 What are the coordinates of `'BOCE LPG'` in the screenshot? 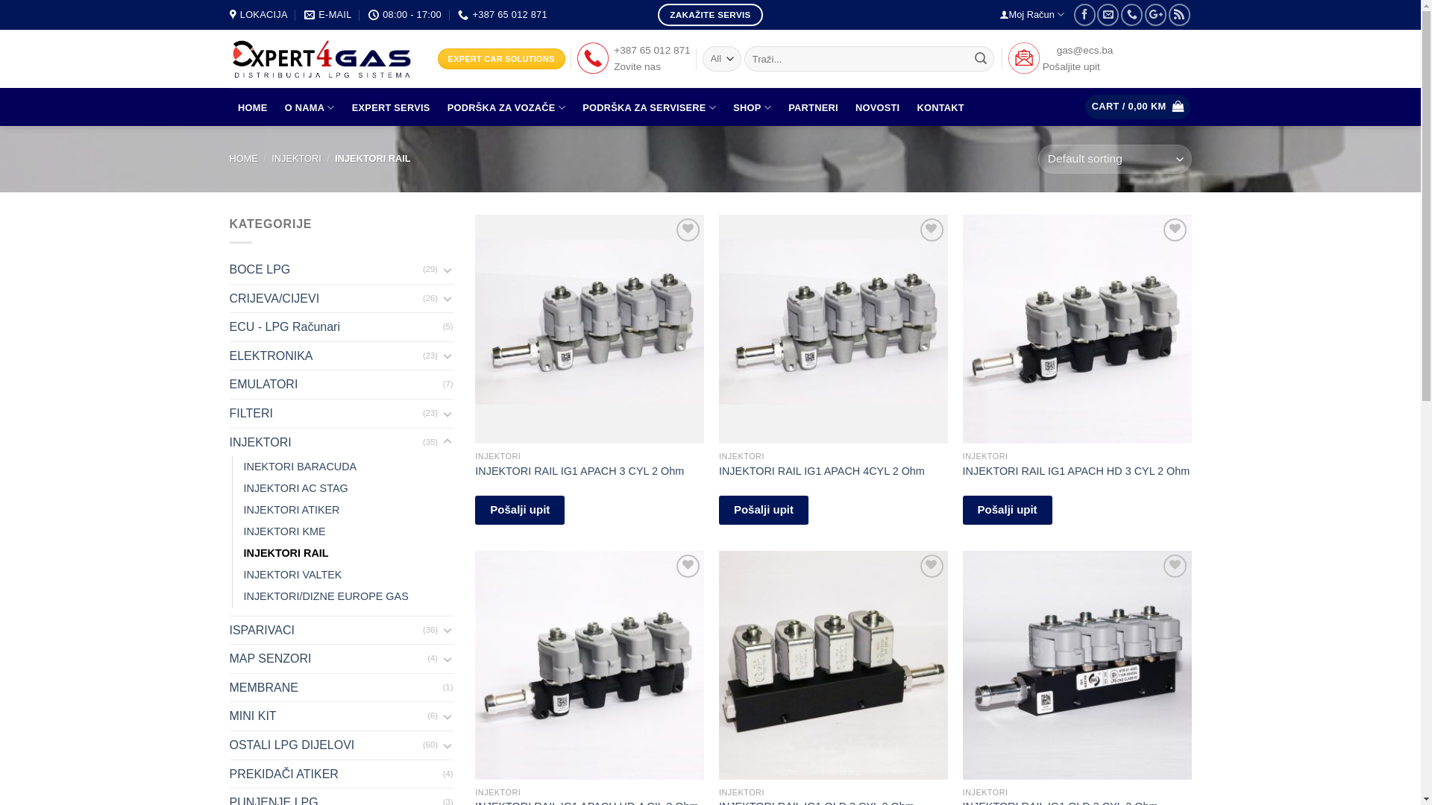 It's located at (325, 270).